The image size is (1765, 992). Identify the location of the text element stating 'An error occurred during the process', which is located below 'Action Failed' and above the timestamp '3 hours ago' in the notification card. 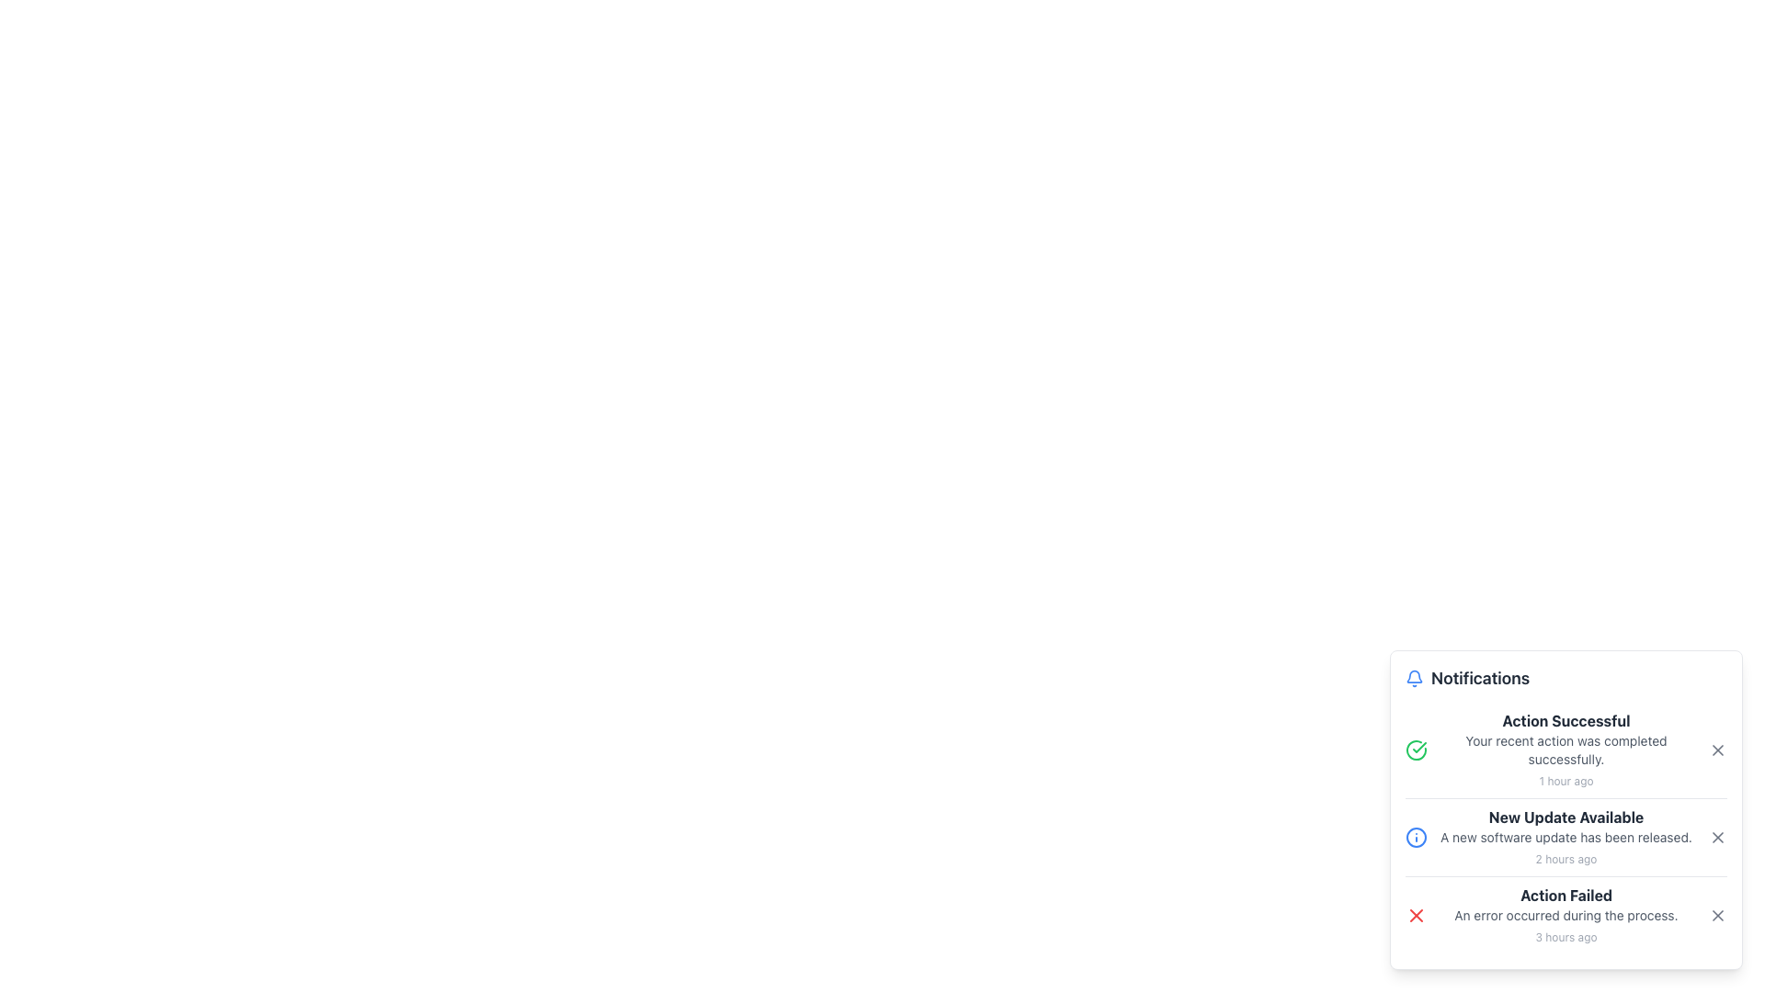
(1566, 915).